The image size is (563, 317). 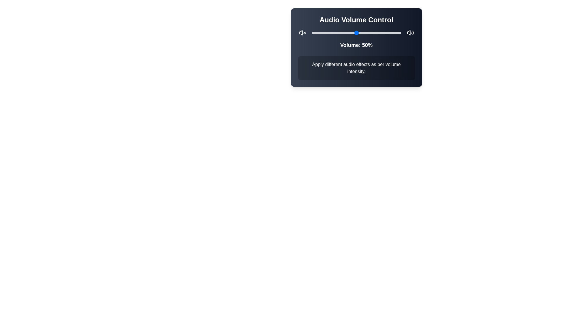 I want to click on the volume slider to set the volume to 96%, so click(x=397, y=33).